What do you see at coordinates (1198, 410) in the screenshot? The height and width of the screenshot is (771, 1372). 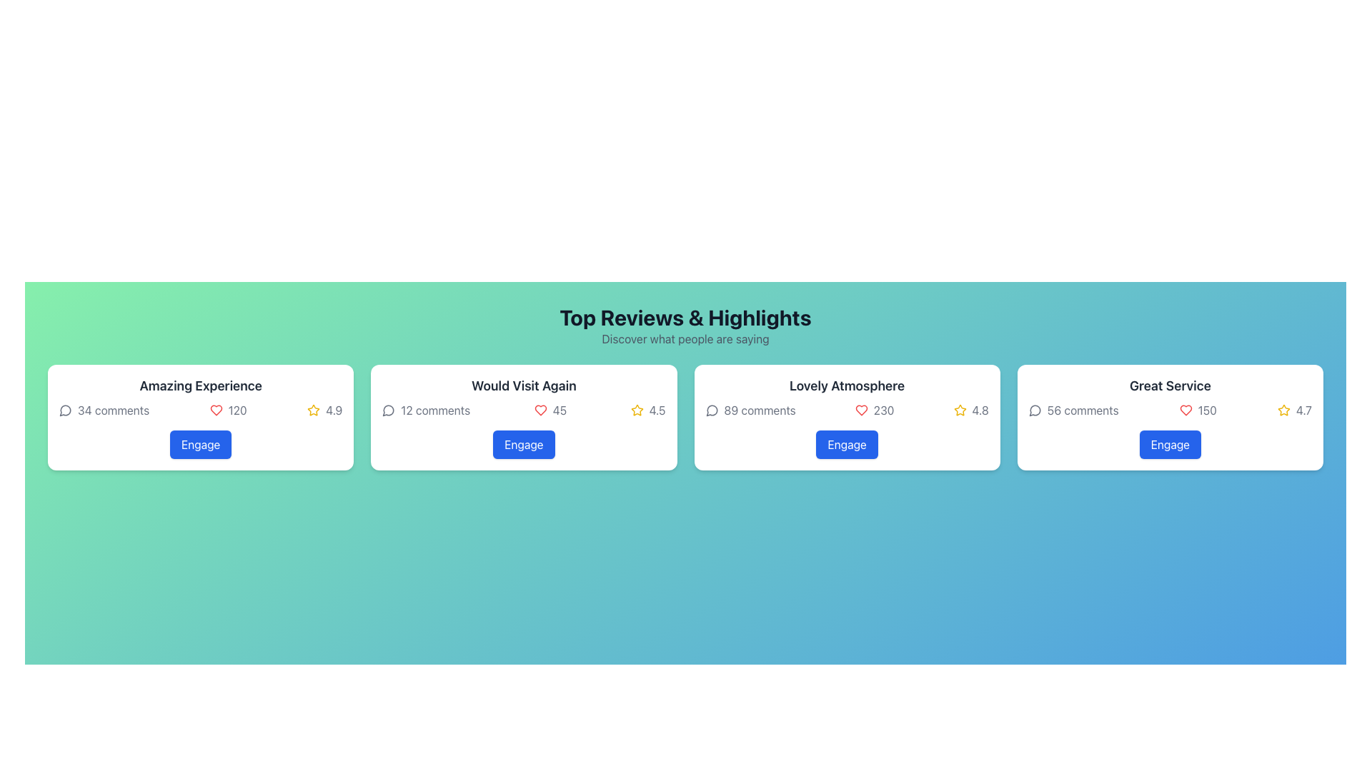 I see `textual numerical display showing the number '150', which is styled in gray font and located next to a red heart icon in the 'Great Service' card` at bounding box center [1198, 410].